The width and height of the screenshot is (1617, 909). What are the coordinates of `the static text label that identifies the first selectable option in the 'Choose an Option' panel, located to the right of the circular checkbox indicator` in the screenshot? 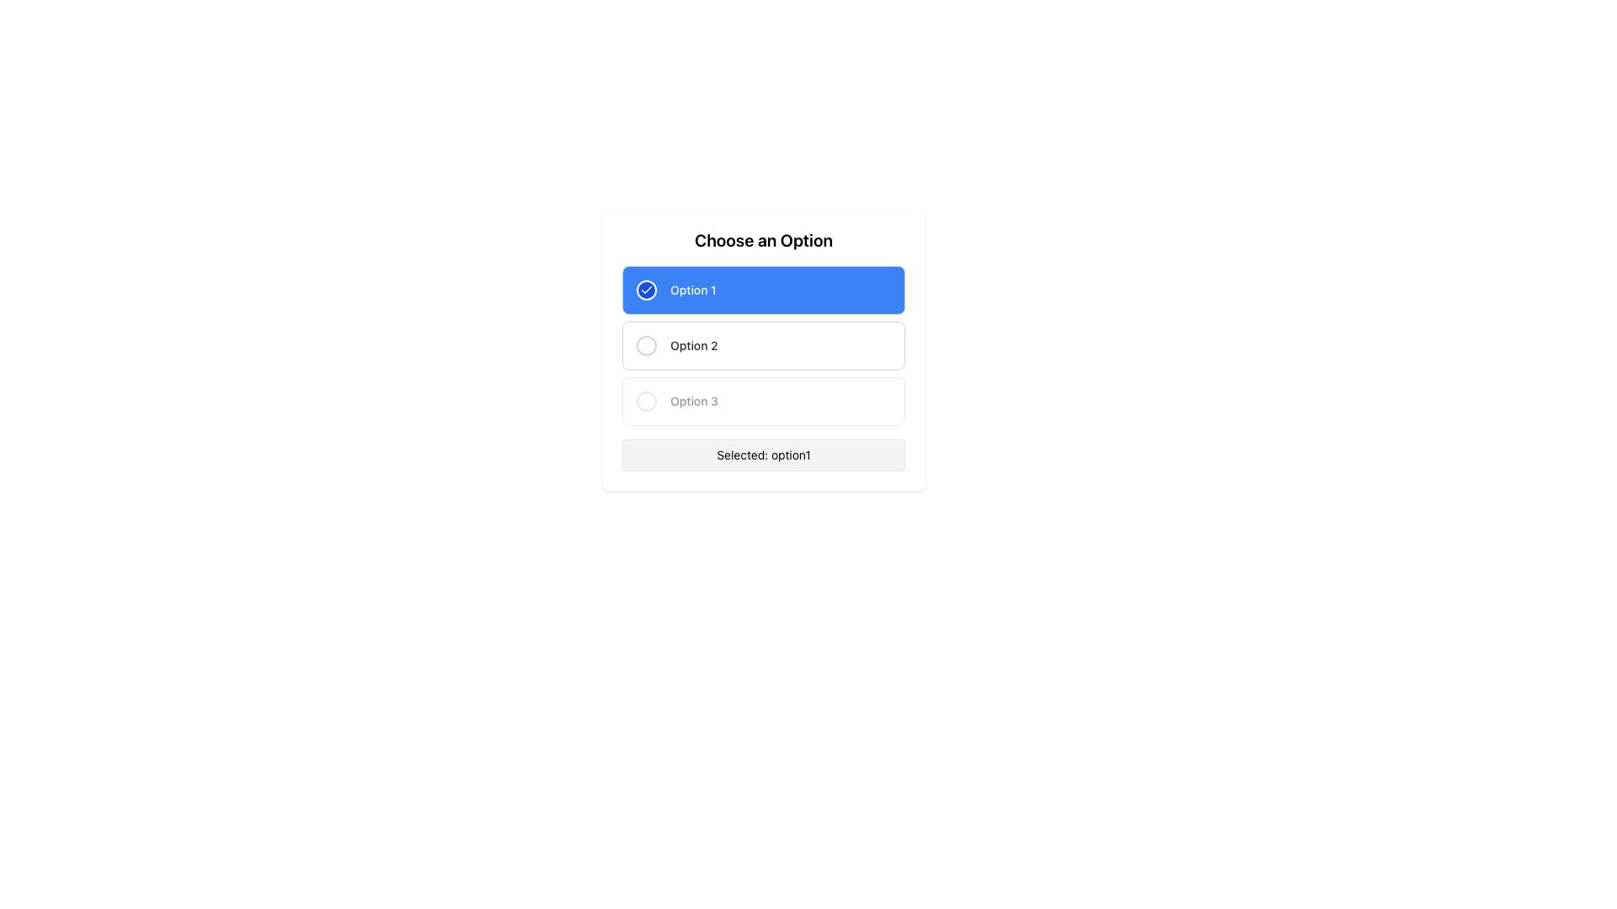 It's located at (693, 289).